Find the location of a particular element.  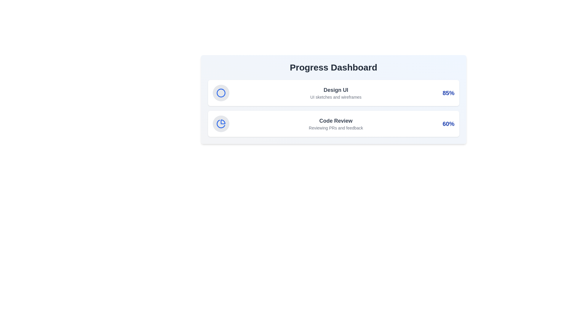

the text element that serves as a title or heading, positioned above the subtitle 'Reviewing PRs and feedback' in the vertical list of items is located at coordinates (336, 121).